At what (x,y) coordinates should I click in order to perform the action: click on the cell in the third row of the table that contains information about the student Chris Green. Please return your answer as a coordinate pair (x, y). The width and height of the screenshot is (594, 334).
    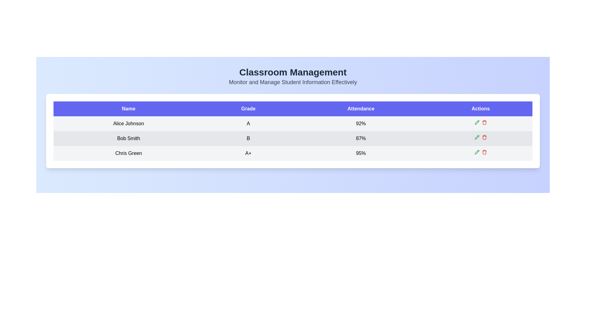
    Looking at the image, I should click on (292, 153).